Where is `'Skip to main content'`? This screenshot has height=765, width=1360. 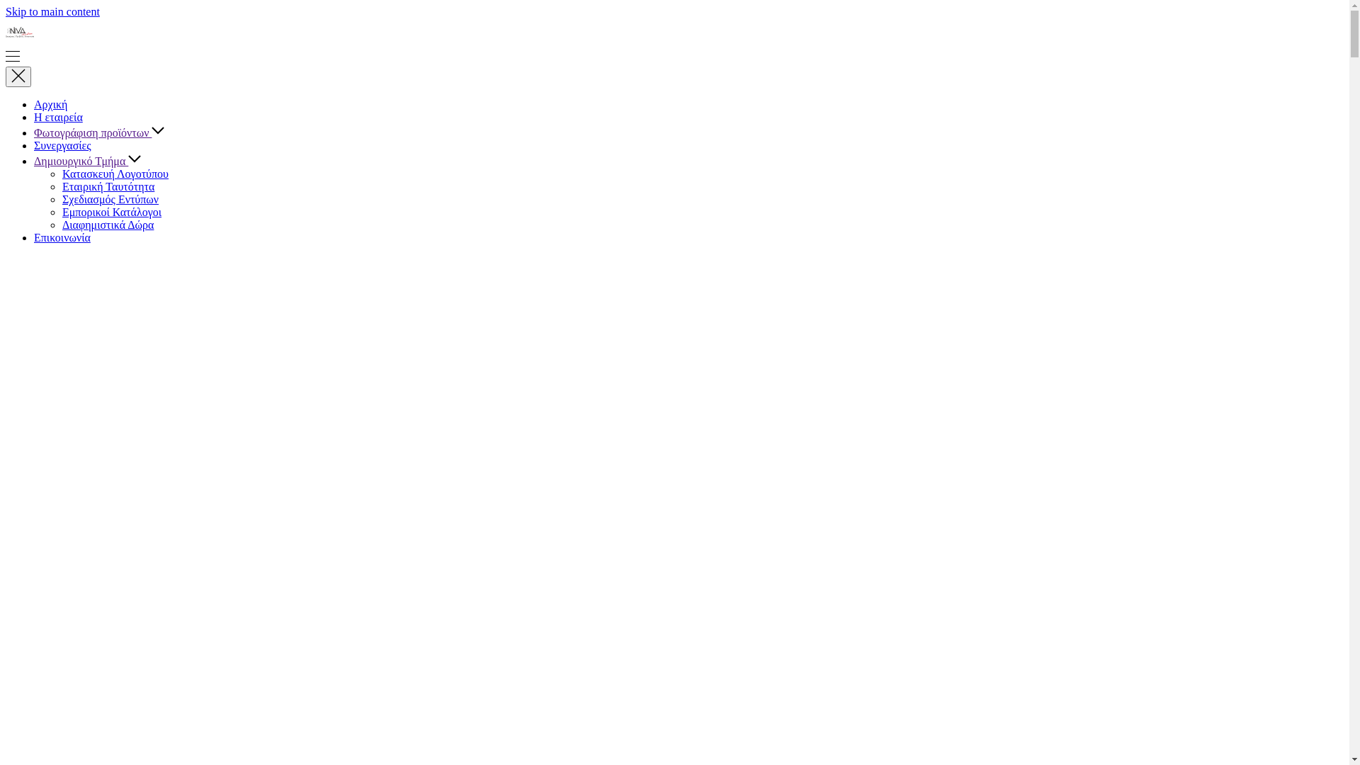
'Skip to main content' is located at coordinates (52, 11).